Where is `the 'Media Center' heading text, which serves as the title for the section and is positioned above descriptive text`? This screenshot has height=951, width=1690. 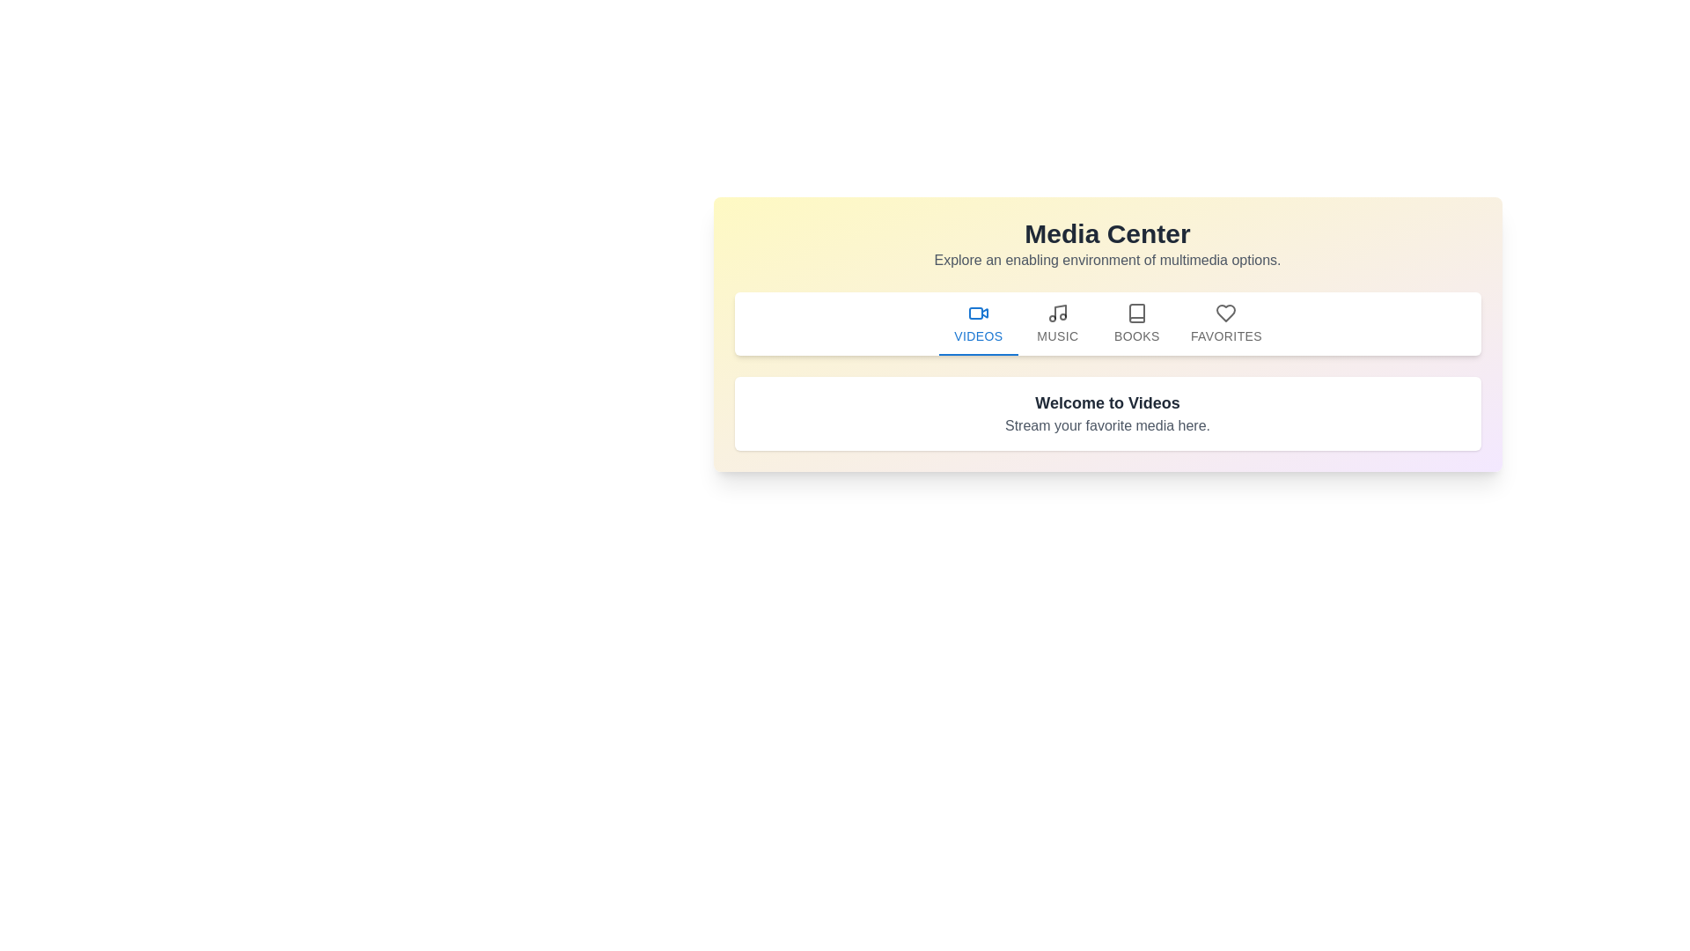
the 'Media Center' heading text, which serves as the title for the section and is positioned above descriptive text is located at coordinates (1106, 233).